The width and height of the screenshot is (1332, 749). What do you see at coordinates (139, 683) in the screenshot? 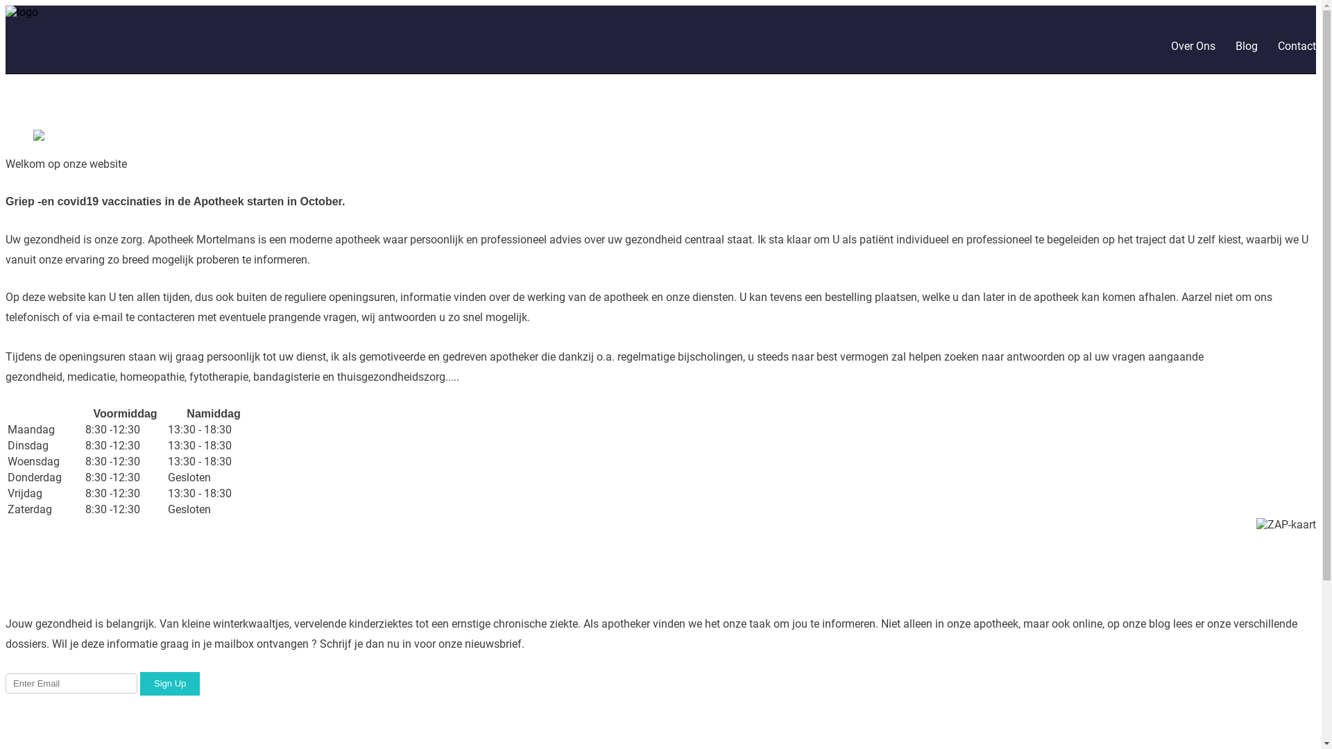
I see `'Sign Up'` at bounding box center [139, 683].